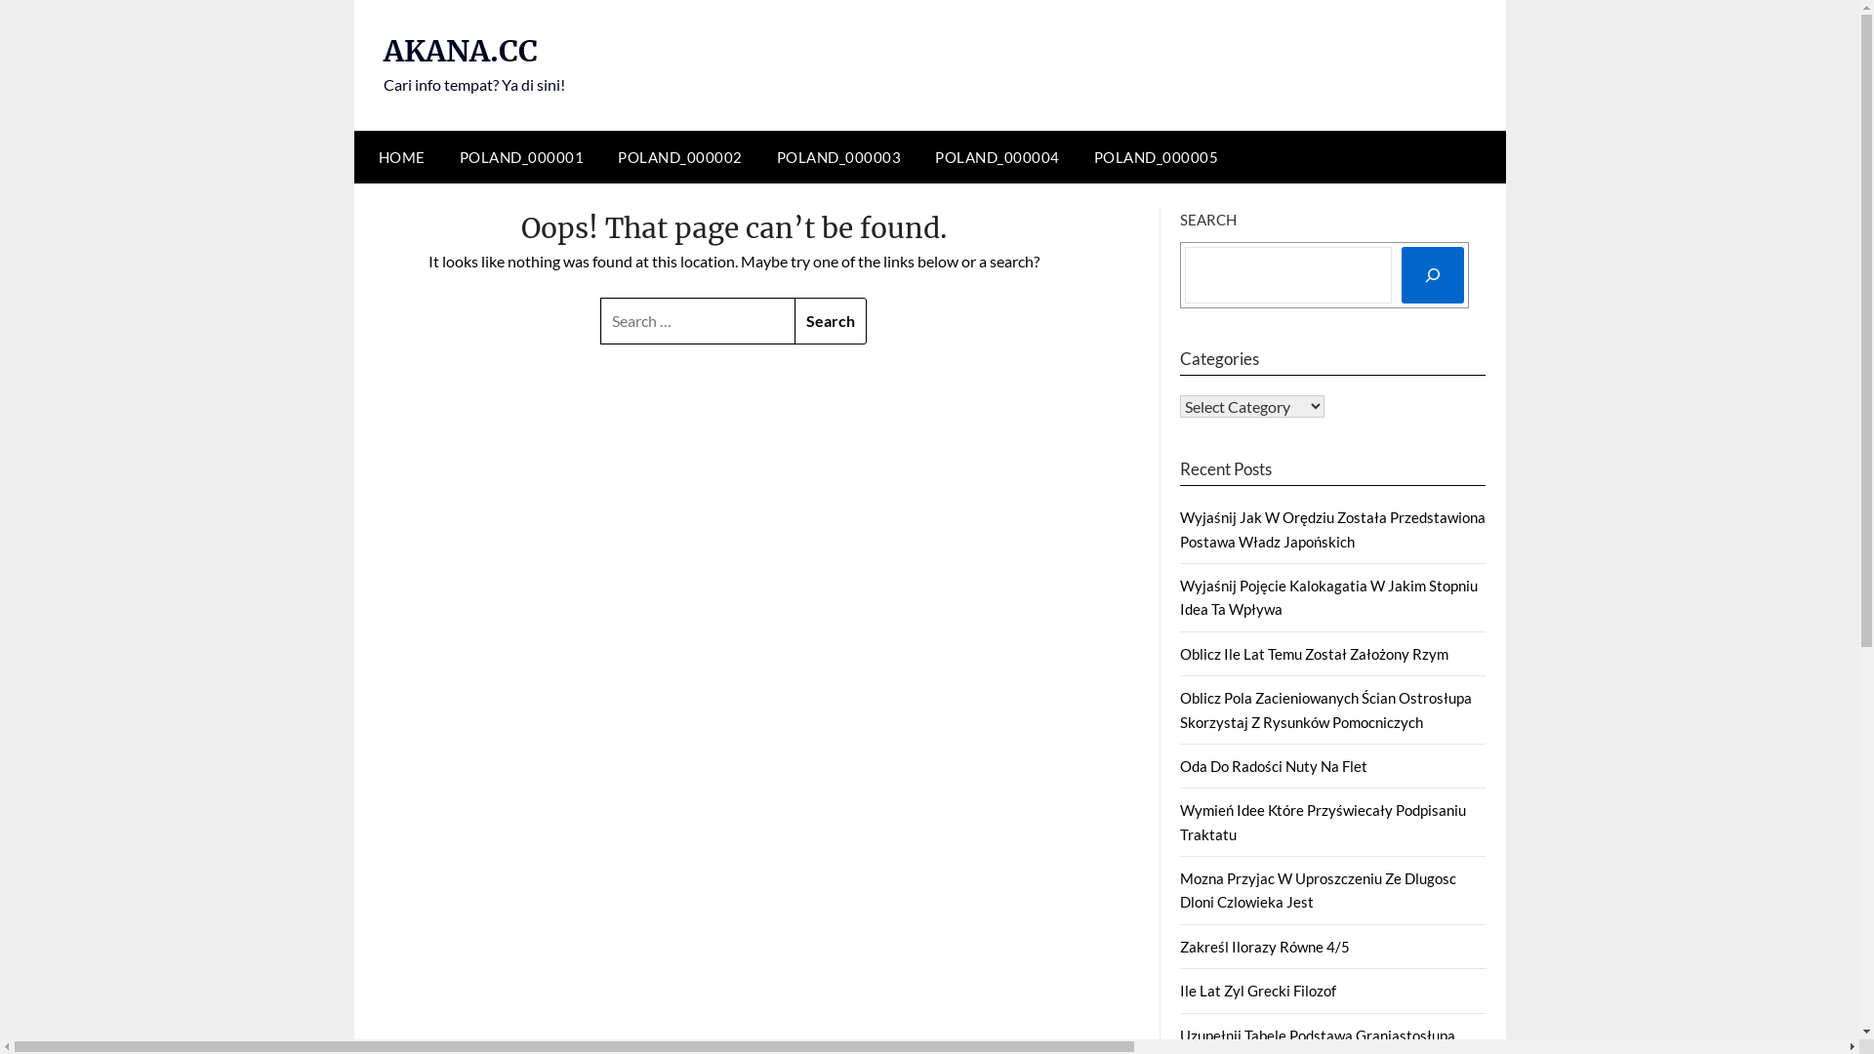 The width and height of the screenshot is (1874, 1054). I want to click on 'POLAND_000001', so click(520, 156).